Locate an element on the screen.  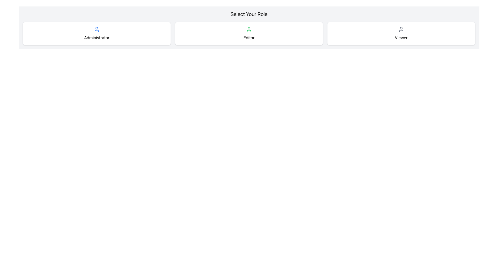
the user icon represented as a blue outline minimalist avatar, located in the first role card above the 'Administrator' label is located at coordinates (97, 29).